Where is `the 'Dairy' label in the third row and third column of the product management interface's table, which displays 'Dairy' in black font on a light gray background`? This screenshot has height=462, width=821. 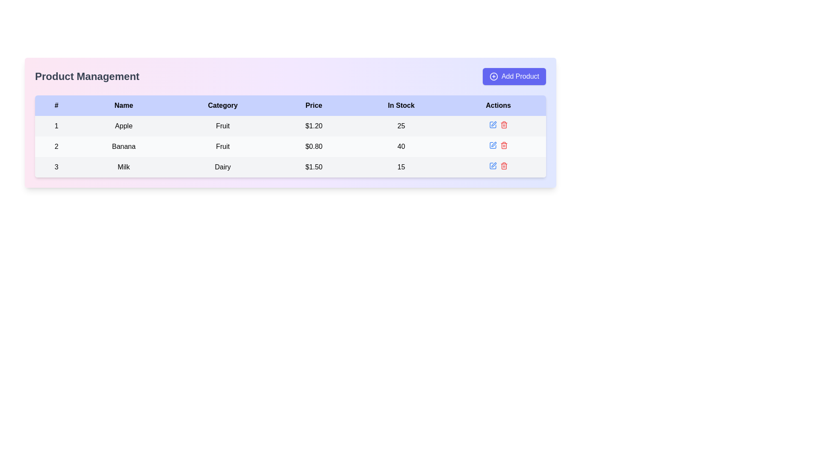 the 'Dairy' label in the third row and third column of the product management interface's table, which displays 'Dairy' in black font on a light gray background is located at coordinates (223, 167).